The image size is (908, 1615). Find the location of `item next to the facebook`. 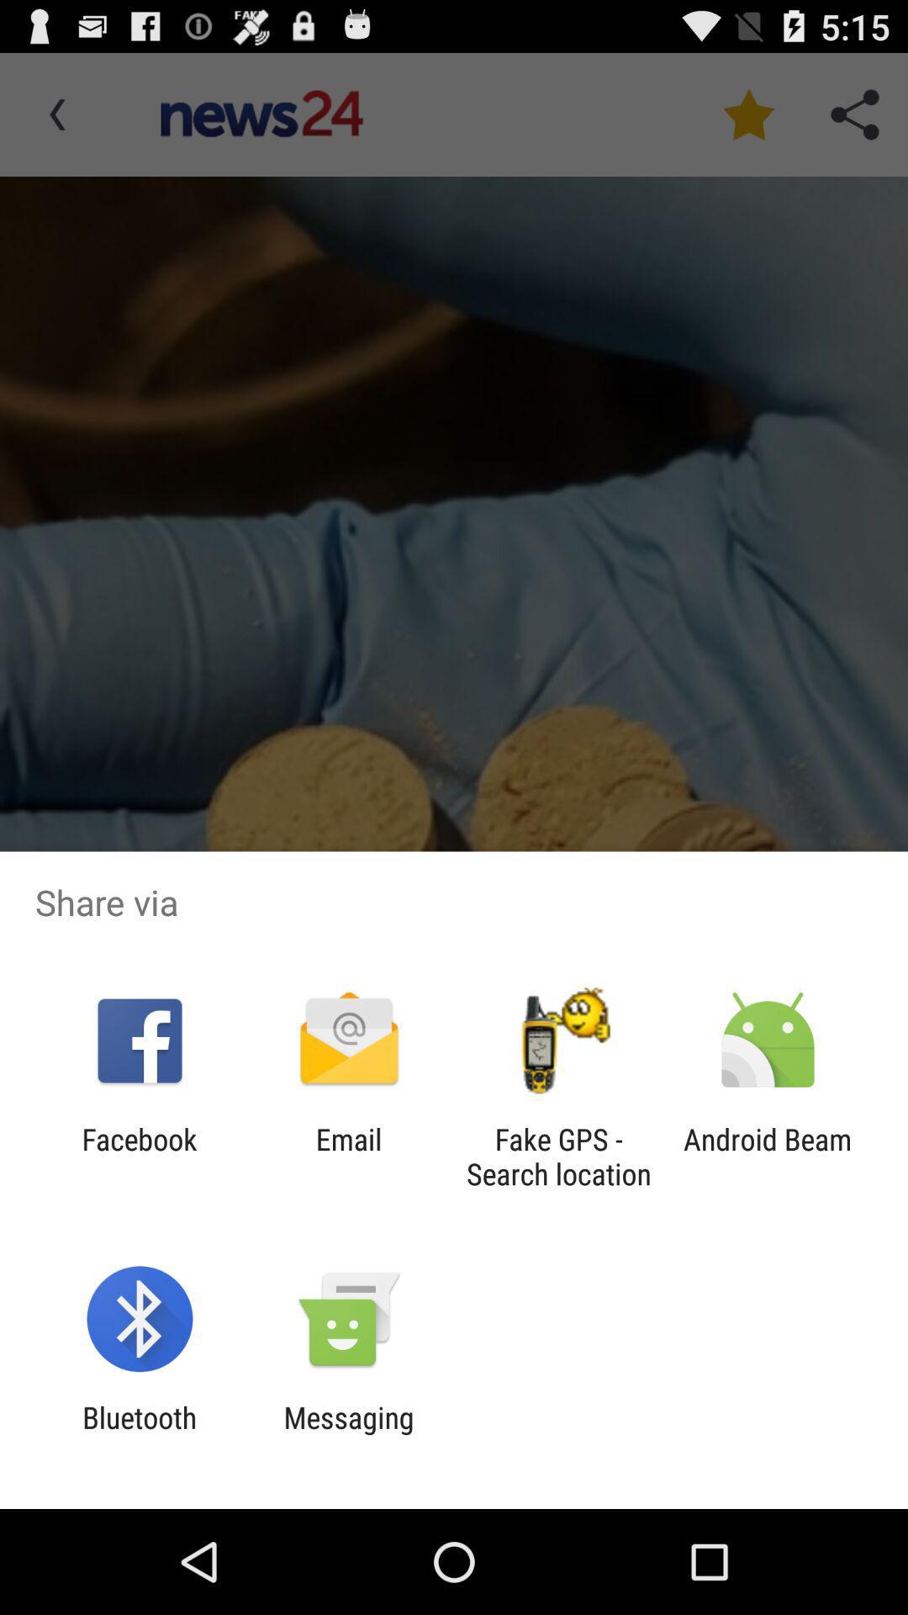

item next to the facebook is located at coordinates (348, 1156).